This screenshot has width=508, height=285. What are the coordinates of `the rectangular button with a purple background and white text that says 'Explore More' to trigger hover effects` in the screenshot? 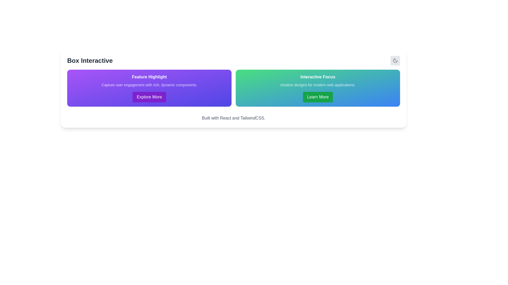 It's located at (149, 97).